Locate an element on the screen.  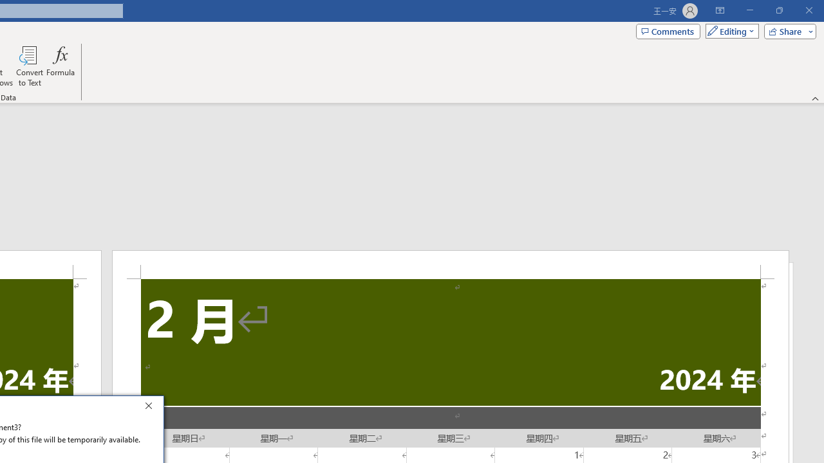
'Comments' is located at coordinates (668, 30).